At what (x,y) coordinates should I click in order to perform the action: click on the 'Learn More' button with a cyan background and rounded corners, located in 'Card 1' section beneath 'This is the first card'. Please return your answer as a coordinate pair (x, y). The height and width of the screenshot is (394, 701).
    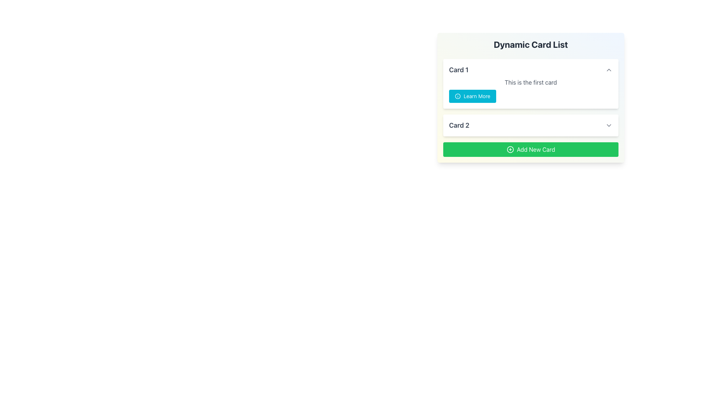
    Looking at the image, I should click on (472, 96).